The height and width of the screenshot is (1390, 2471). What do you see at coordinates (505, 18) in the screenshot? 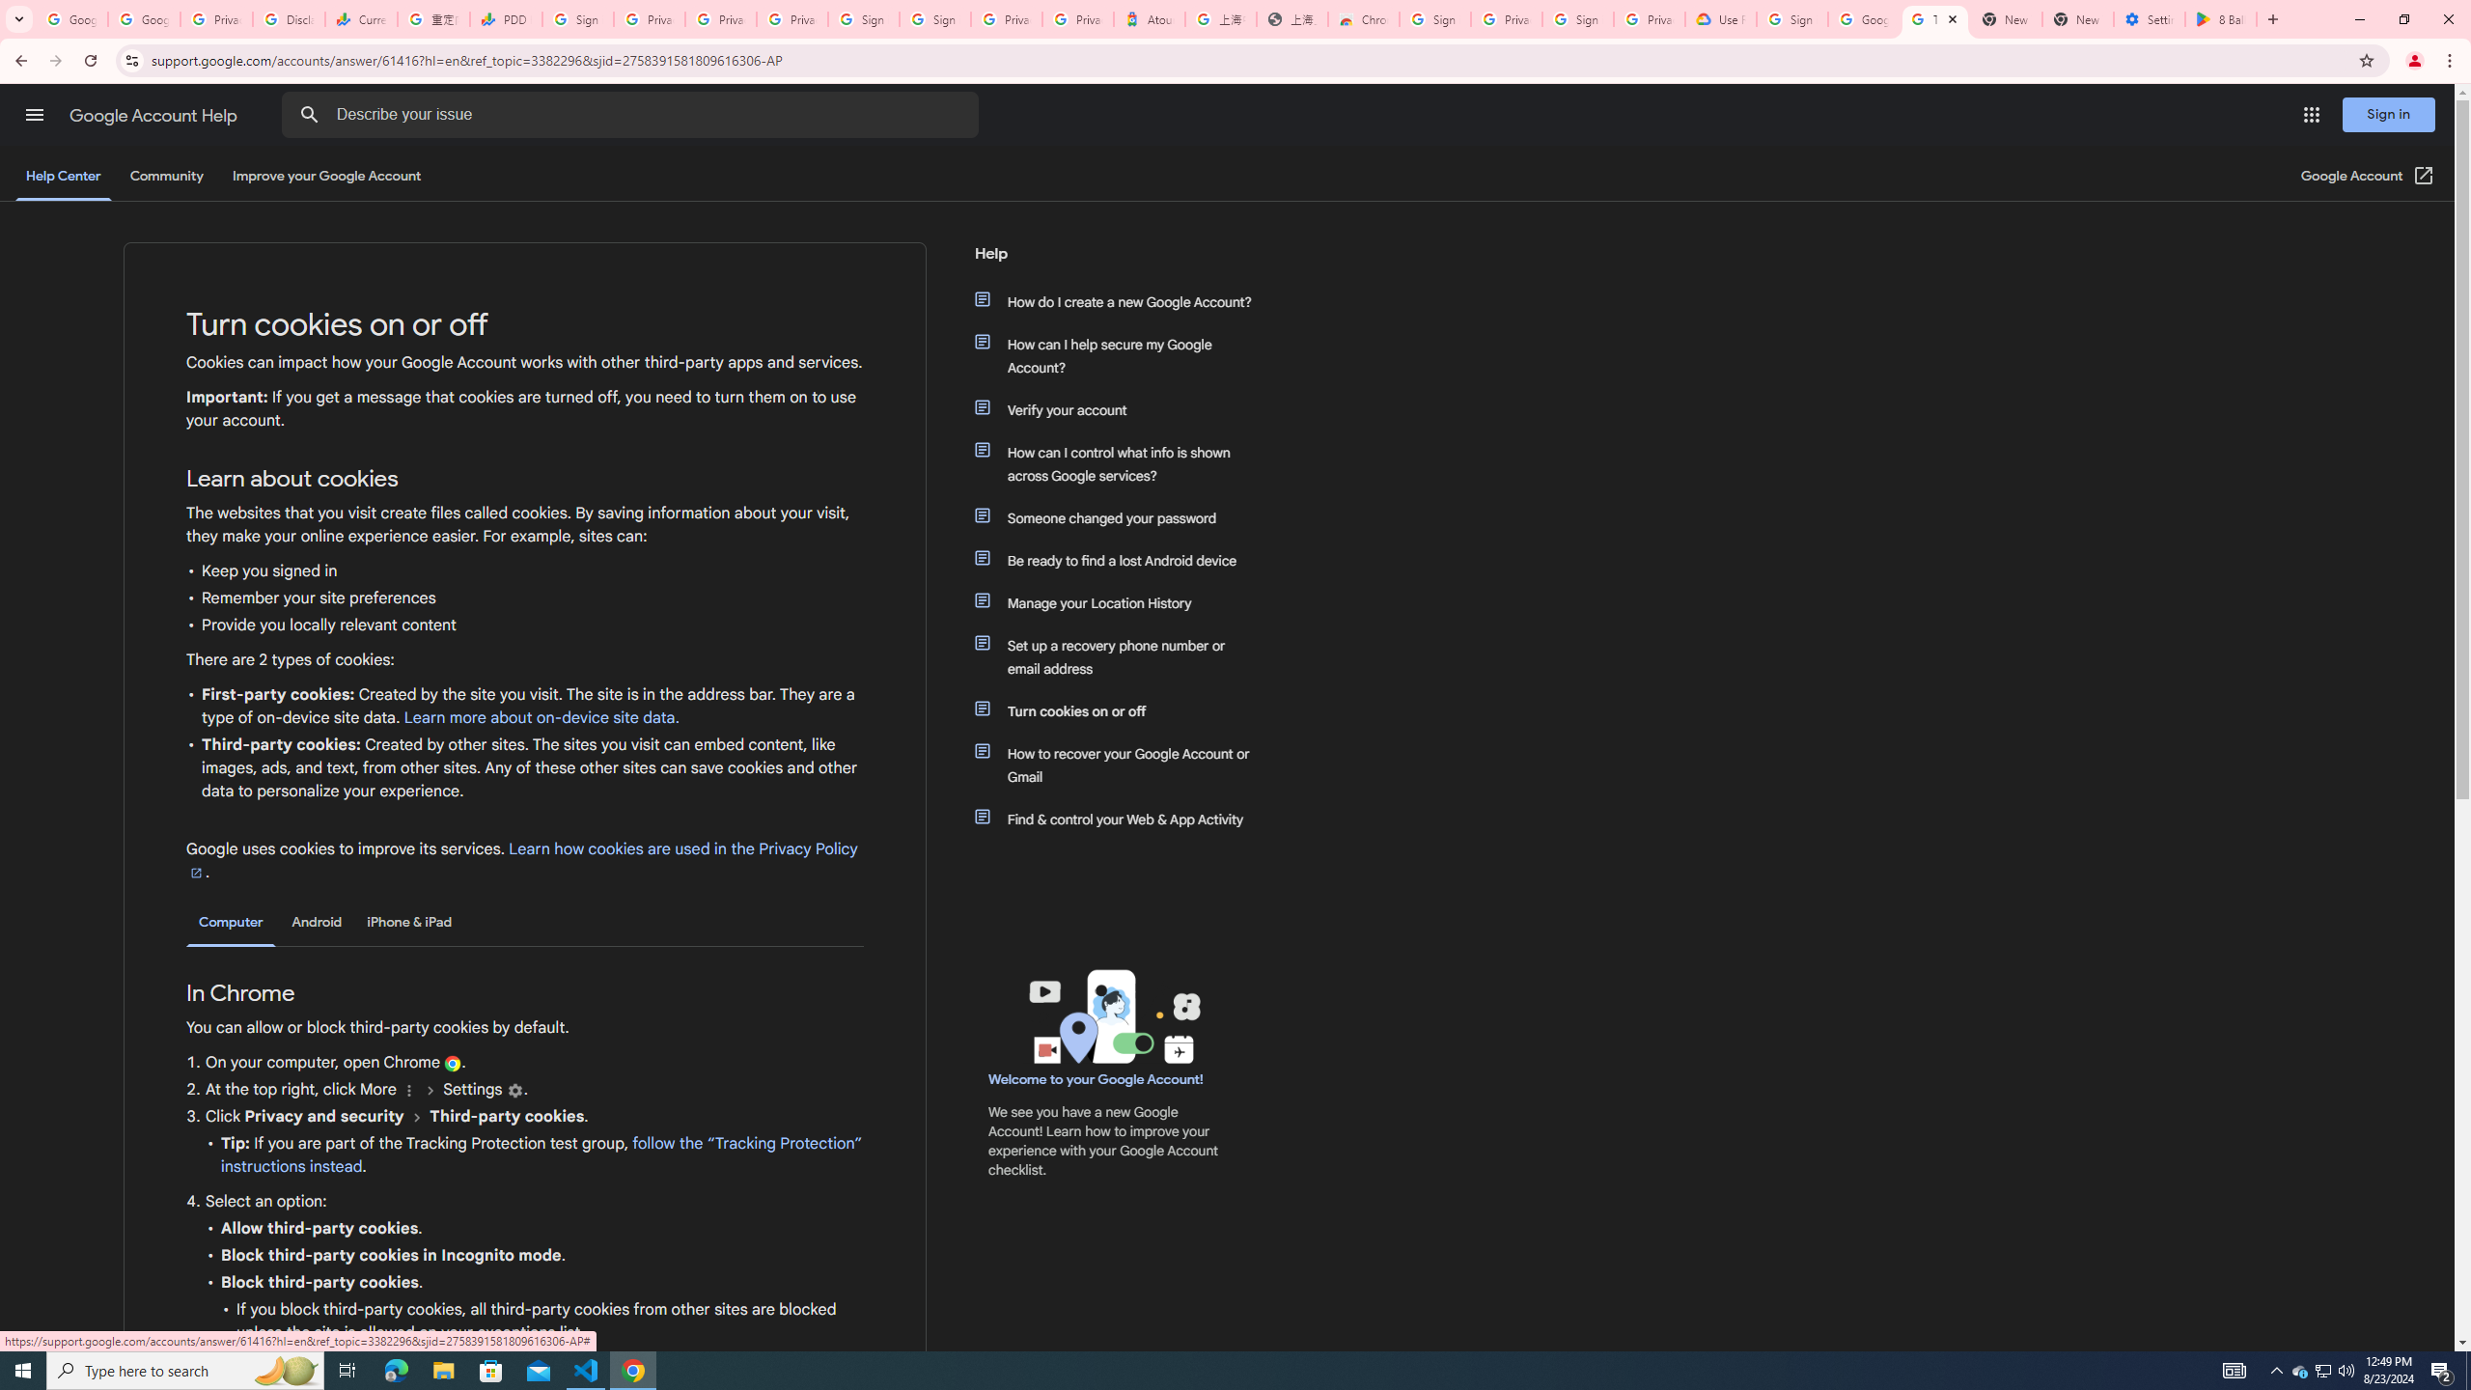
I see `'PDD Holdings Inc - ADR (PDD) Price & News - Google Finance'` at bounding box center [505, 18].